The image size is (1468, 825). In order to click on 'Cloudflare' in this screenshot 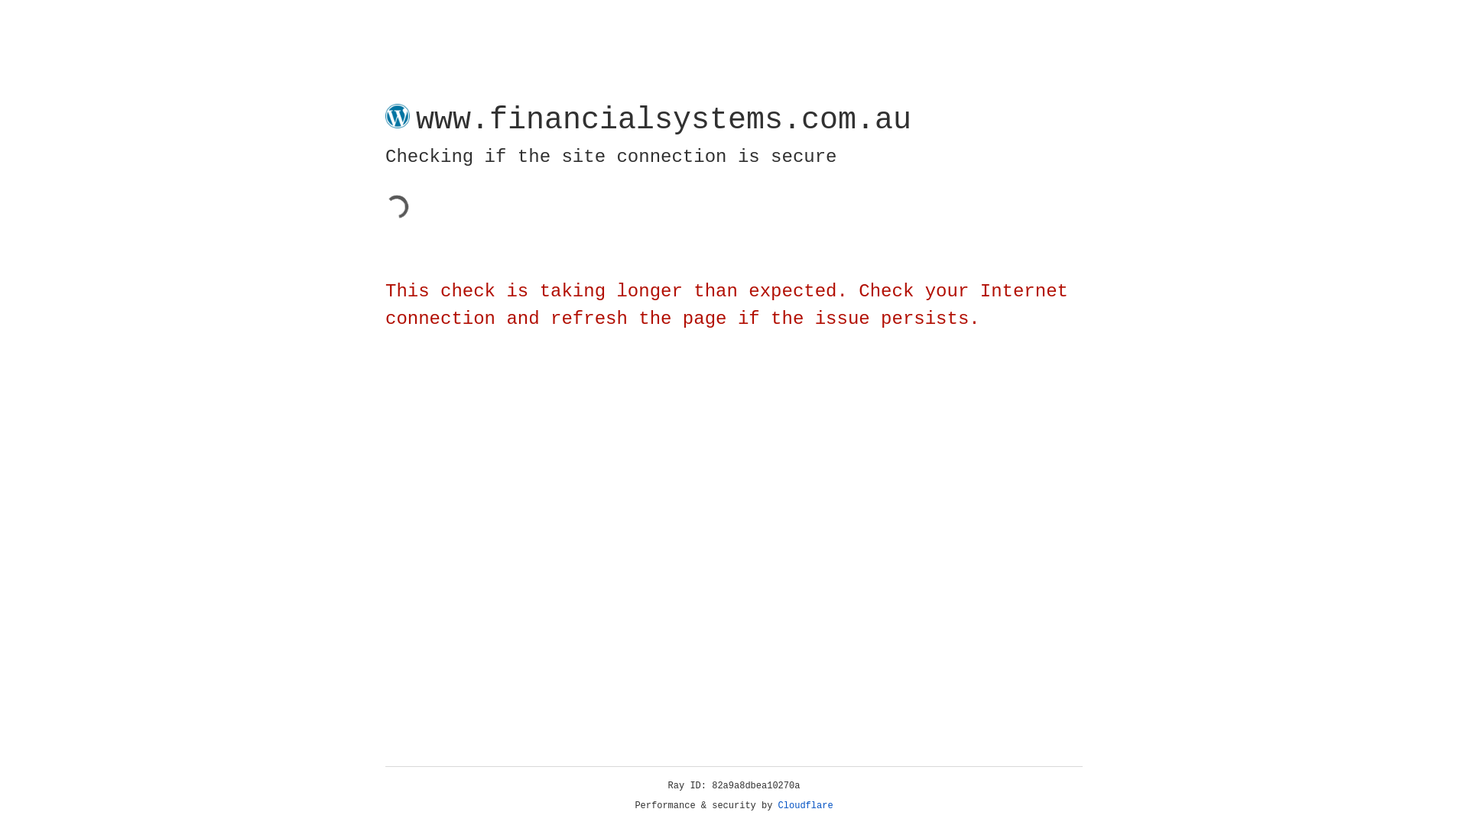, I will do `click(805, 805)`.